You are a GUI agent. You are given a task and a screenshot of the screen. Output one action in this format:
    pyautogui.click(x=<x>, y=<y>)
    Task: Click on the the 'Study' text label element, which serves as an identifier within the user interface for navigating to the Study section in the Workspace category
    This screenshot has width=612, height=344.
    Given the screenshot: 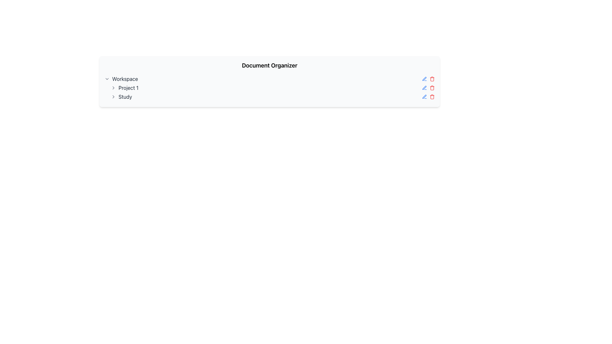 What is the action you would take?
    pyautogui.click(x=125, y=97)
    